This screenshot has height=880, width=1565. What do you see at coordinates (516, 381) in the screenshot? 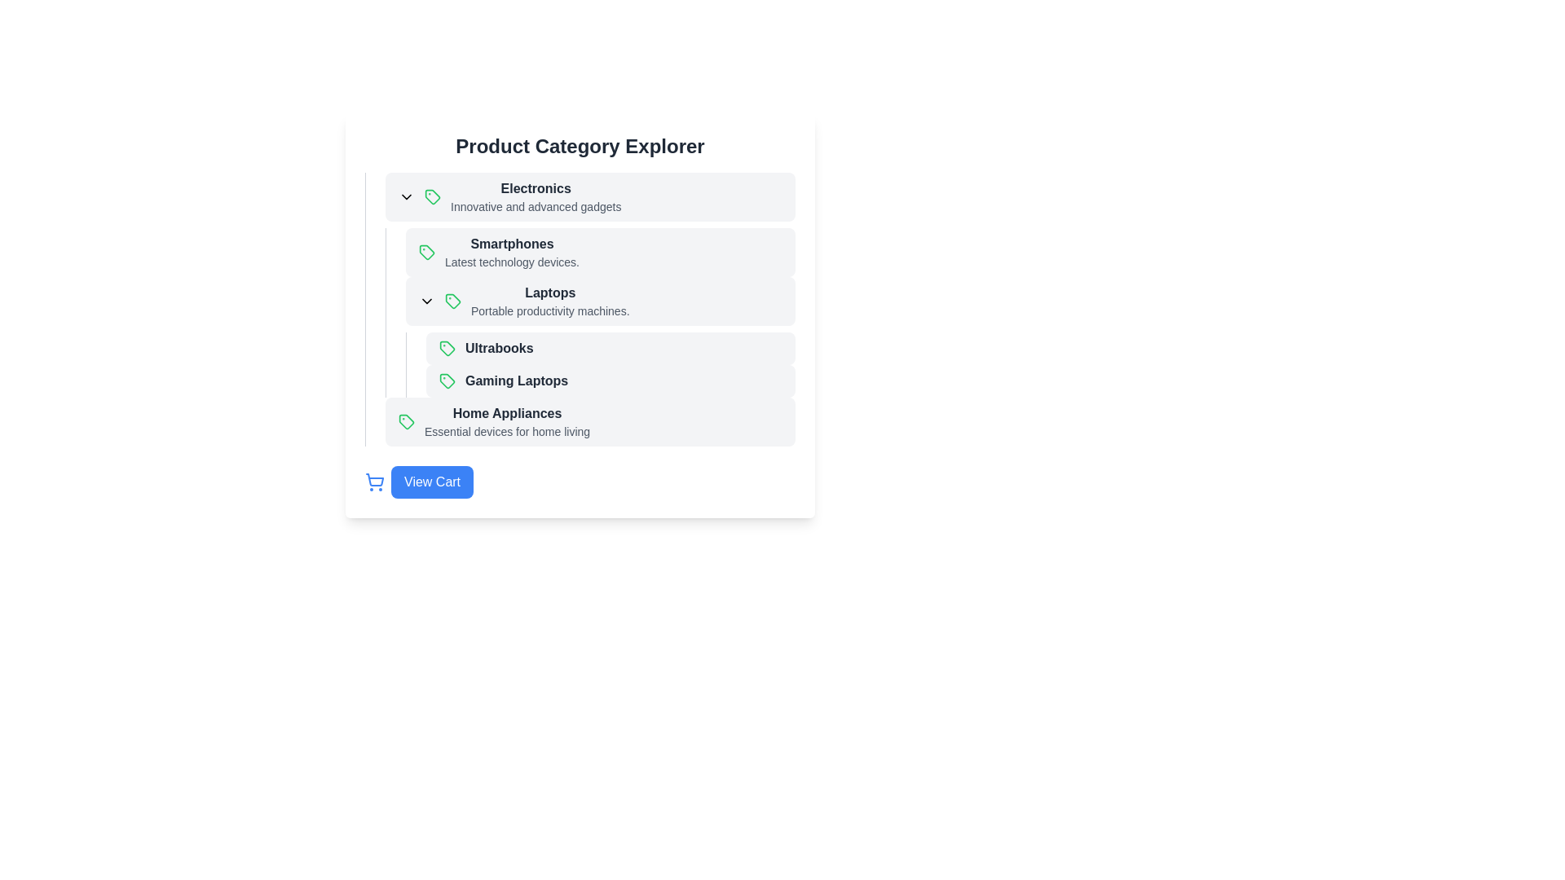
I see `the static text label 'Gaming Laptops' which is styled with bold grayish text and is the third item under the 'Laptops' category in the 'Product Category Explorer' section` at bounding box center [516, 381].